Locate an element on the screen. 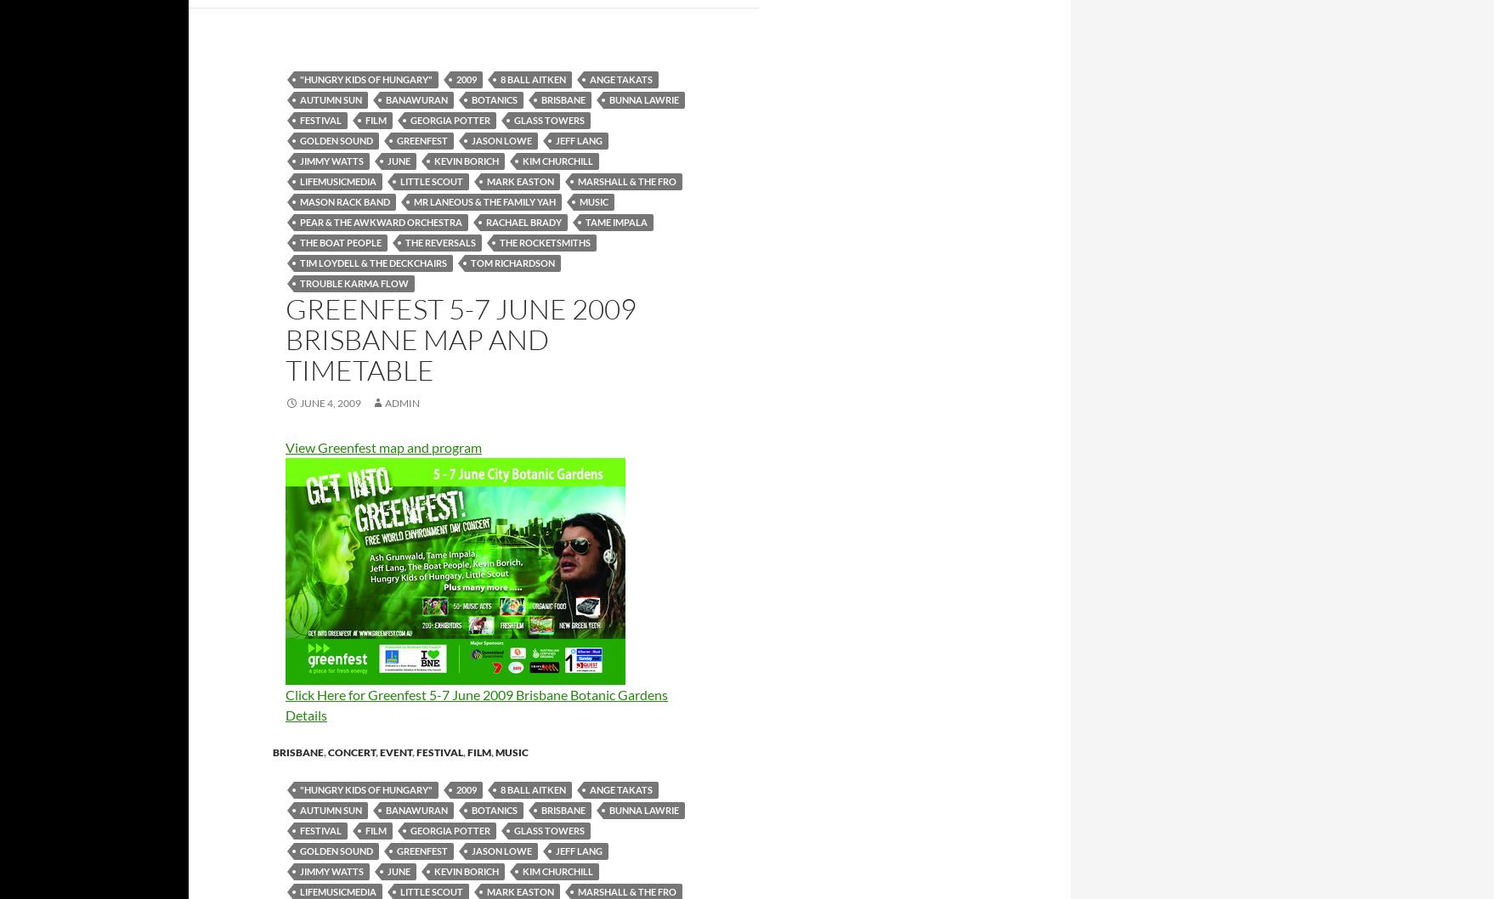 The width and height of the screenshot is (1494, 899). 'Tim Loydell & the Deckchairs' is located at coordinates (373, 261).